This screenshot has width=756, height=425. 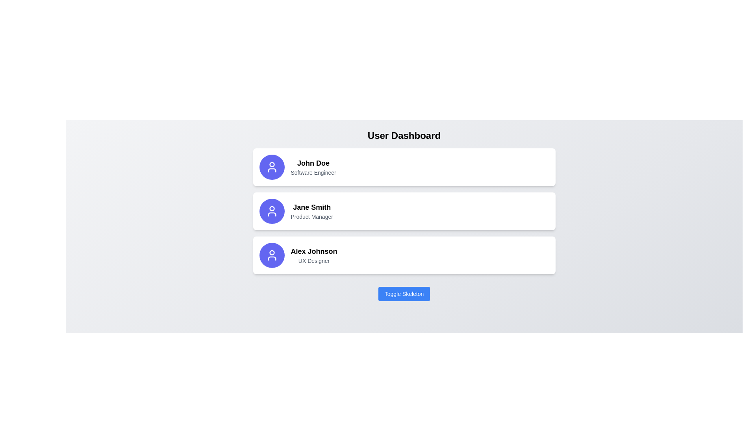 I want to click on text block that provides the name and role of a specific user, located within the third card in a vertical list of user cards, positioned next to a circular user icon, so click(x=313, y=255).